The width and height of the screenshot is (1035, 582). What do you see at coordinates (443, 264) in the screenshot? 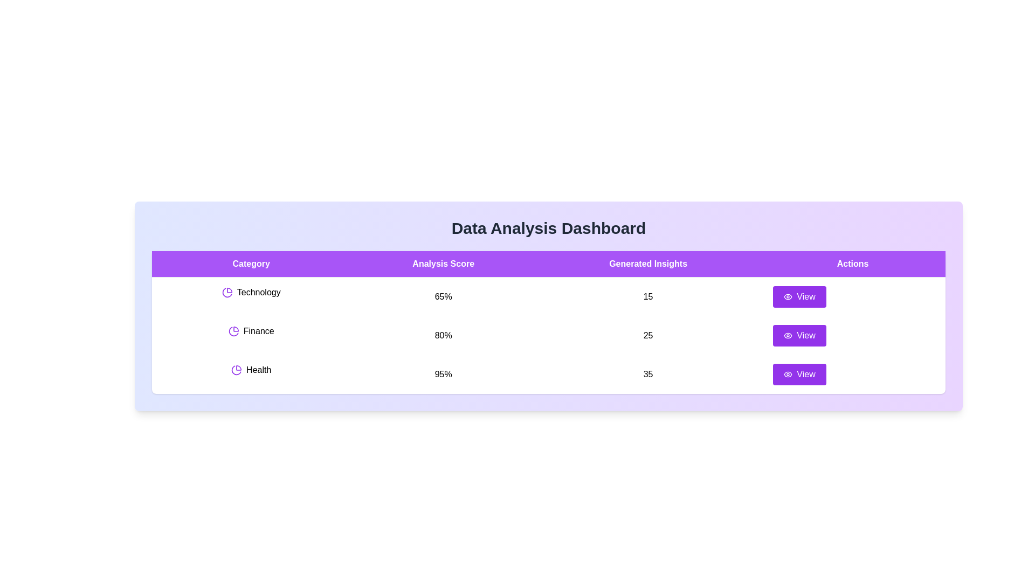
I see `the column header labeled 'Analysis Score' to sort the data` at bounding box center [443, 264].